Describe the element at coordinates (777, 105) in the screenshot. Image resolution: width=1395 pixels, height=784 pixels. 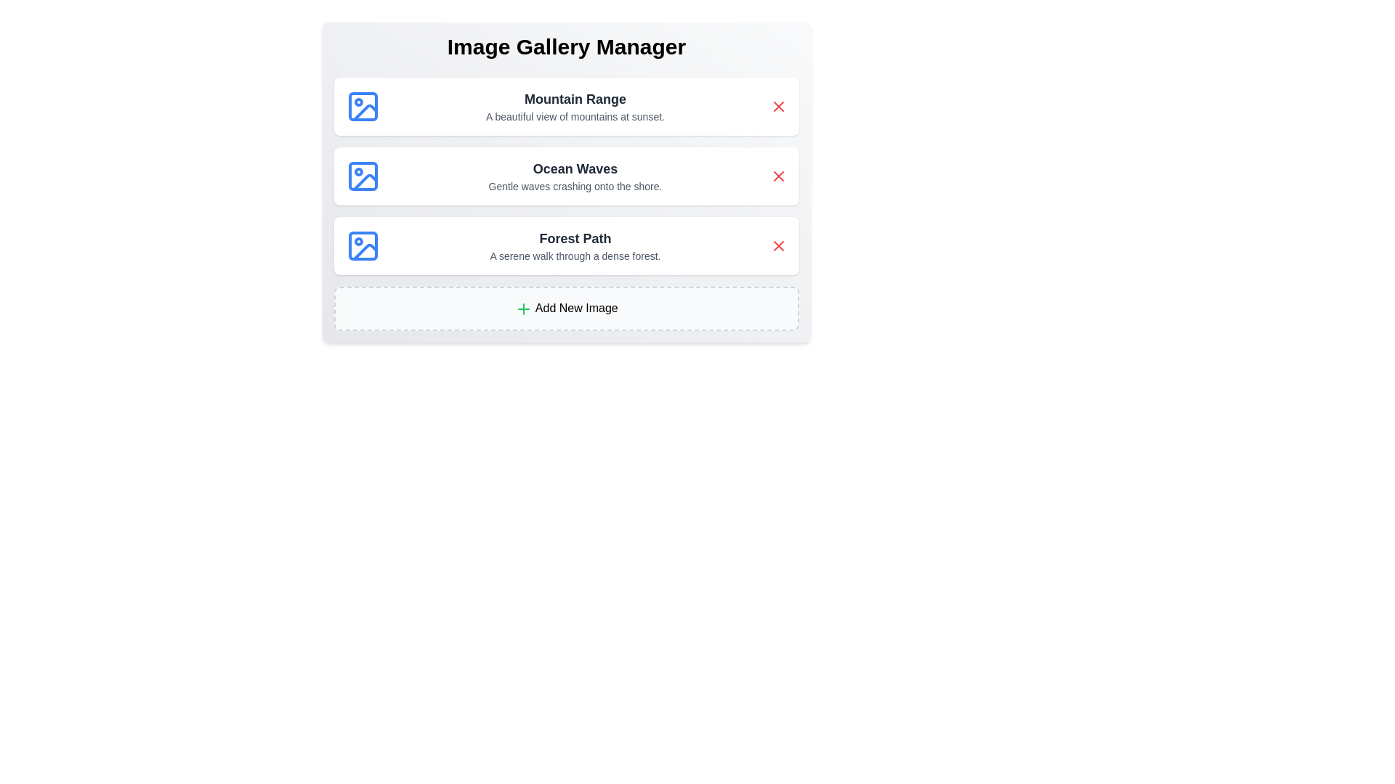
I see `the delete button for the image titled Mountain Range` at that location.